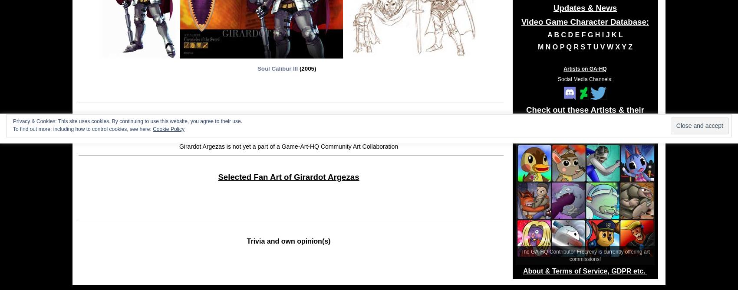  What do you see at coordinates (127, 121) in the screenshot?
I see `'Privacy & Cookies: This site uses cookies. By continuing to use this website, you agree to their use.'` at bounding box center [127, 121].